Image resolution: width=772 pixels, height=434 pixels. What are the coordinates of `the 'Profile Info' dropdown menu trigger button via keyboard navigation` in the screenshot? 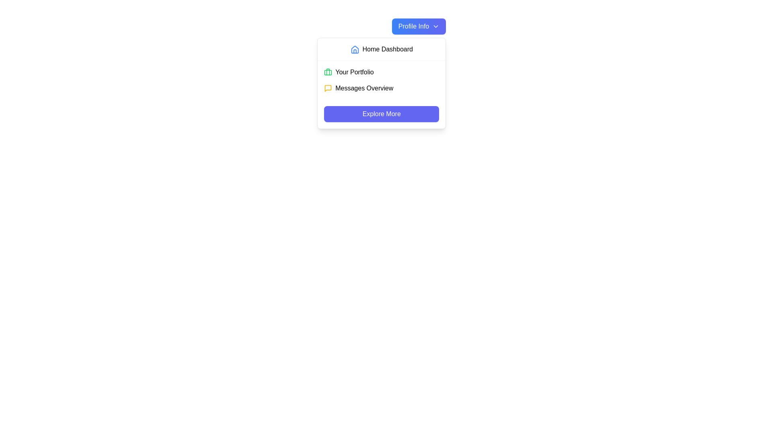 It's located at (418, 26).